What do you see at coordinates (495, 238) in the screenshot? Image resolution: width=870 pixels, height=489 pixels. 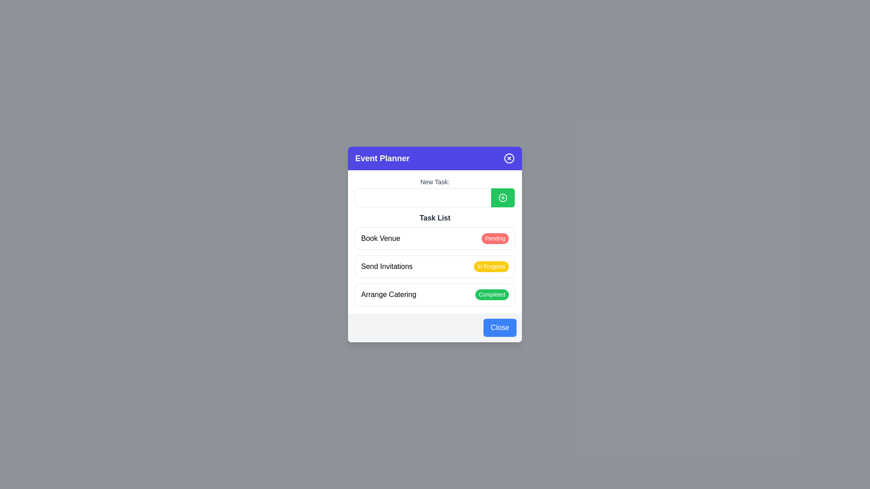 I see `the text of the Status Badge that indicates the status of the task 'Book Venue' as 'Pending', located on the right side of the list item` at bounding box center [495, 238].